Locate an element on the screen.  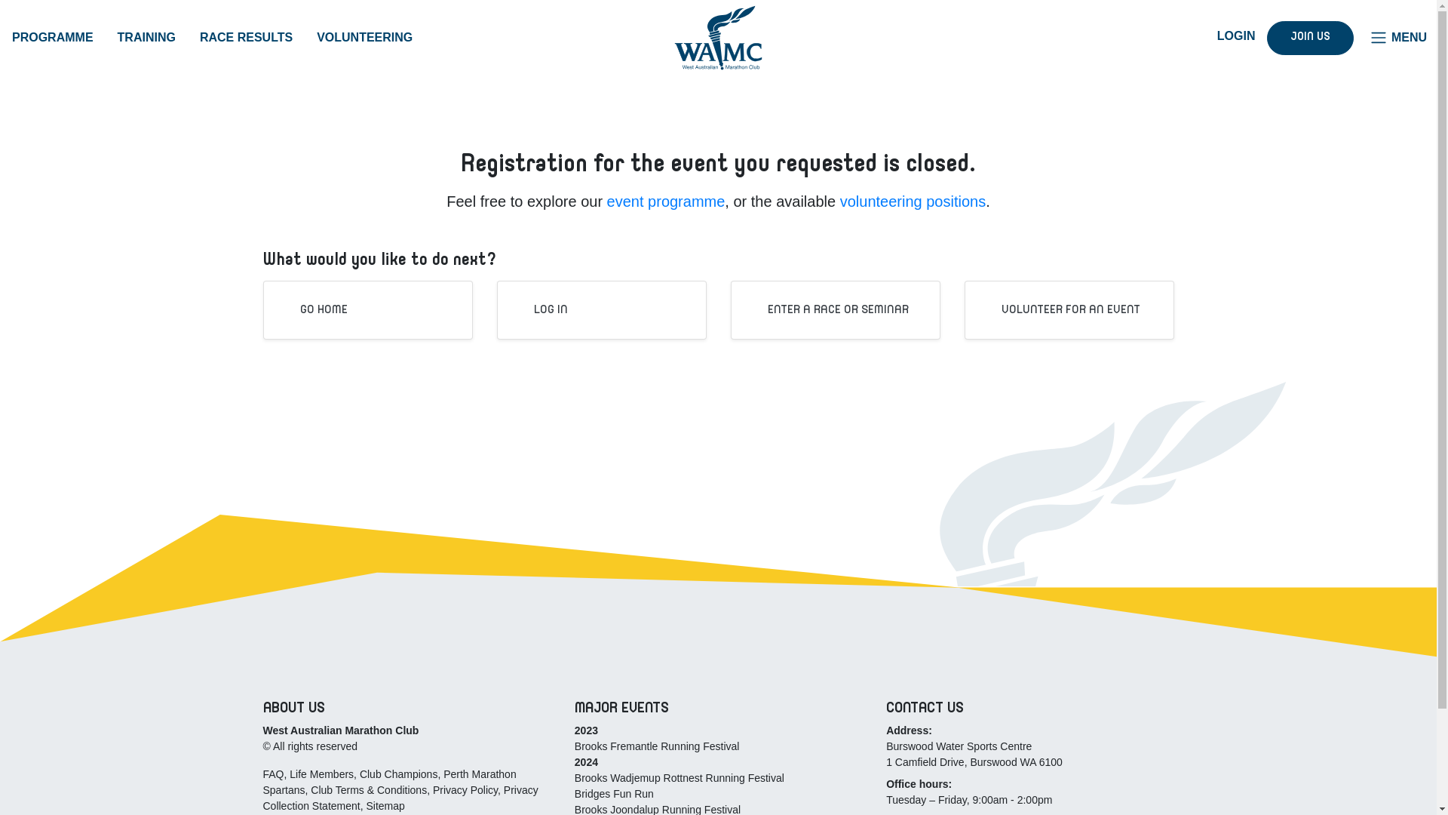
'MENU' is located at coordinates (1397, 37).